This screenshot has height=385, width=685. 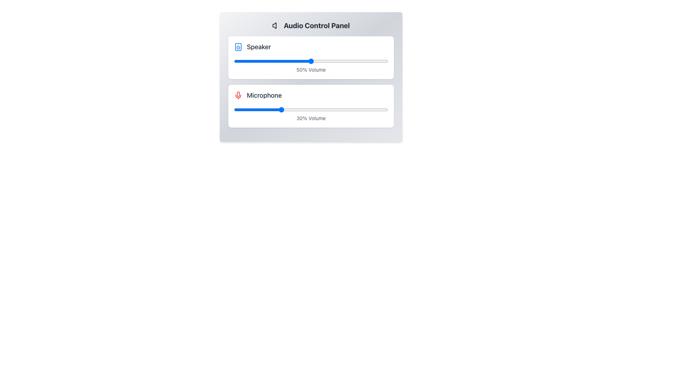 What do you see at coordinates (238, 95) in the screenshot?
I see `the red microphone icon located to the left of the 'Microphone' text label in the bottom section of the 'Audio Control Panel'` at bounding box center [238, 95].